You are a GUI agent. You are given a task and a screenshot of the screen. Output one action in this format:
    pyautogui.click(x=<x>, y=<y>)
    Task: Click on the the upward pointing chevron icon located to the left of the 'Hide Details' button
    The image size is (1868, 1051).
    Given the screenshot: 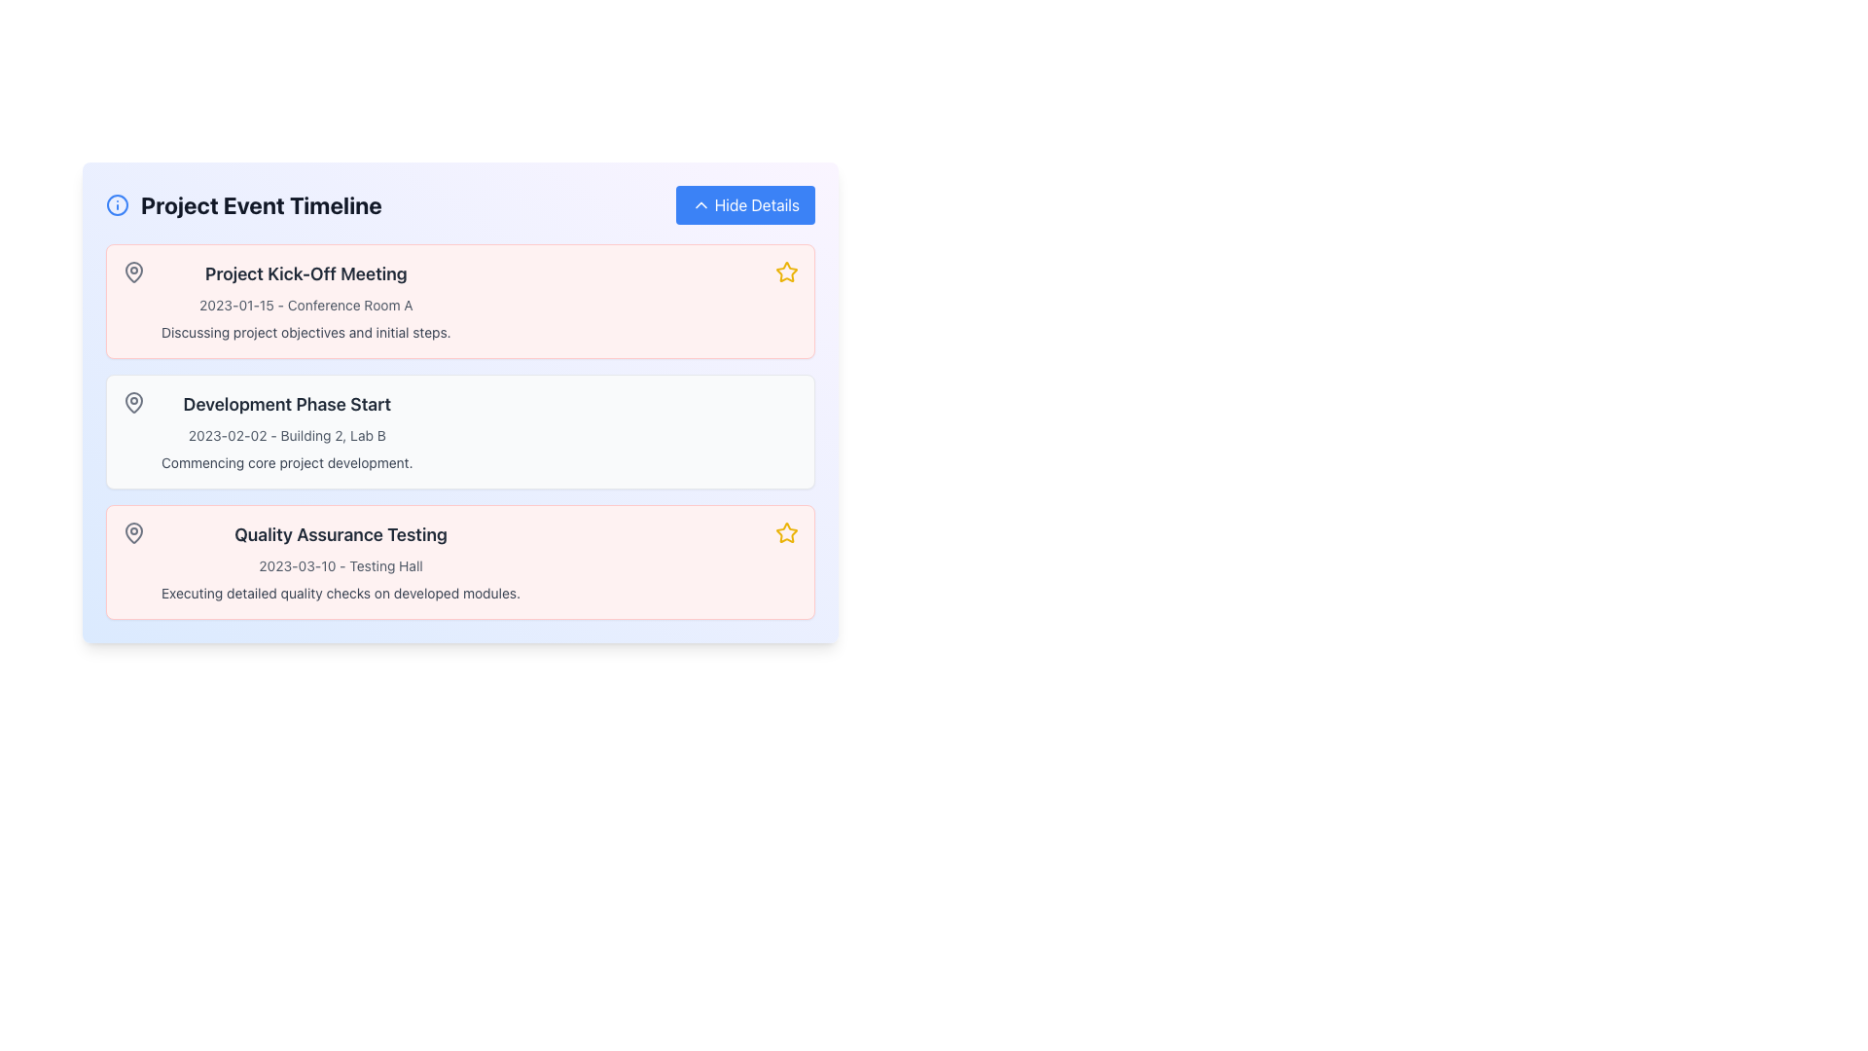 What is the action you would take?
    pyautogui.click(x=700, y=205)
    